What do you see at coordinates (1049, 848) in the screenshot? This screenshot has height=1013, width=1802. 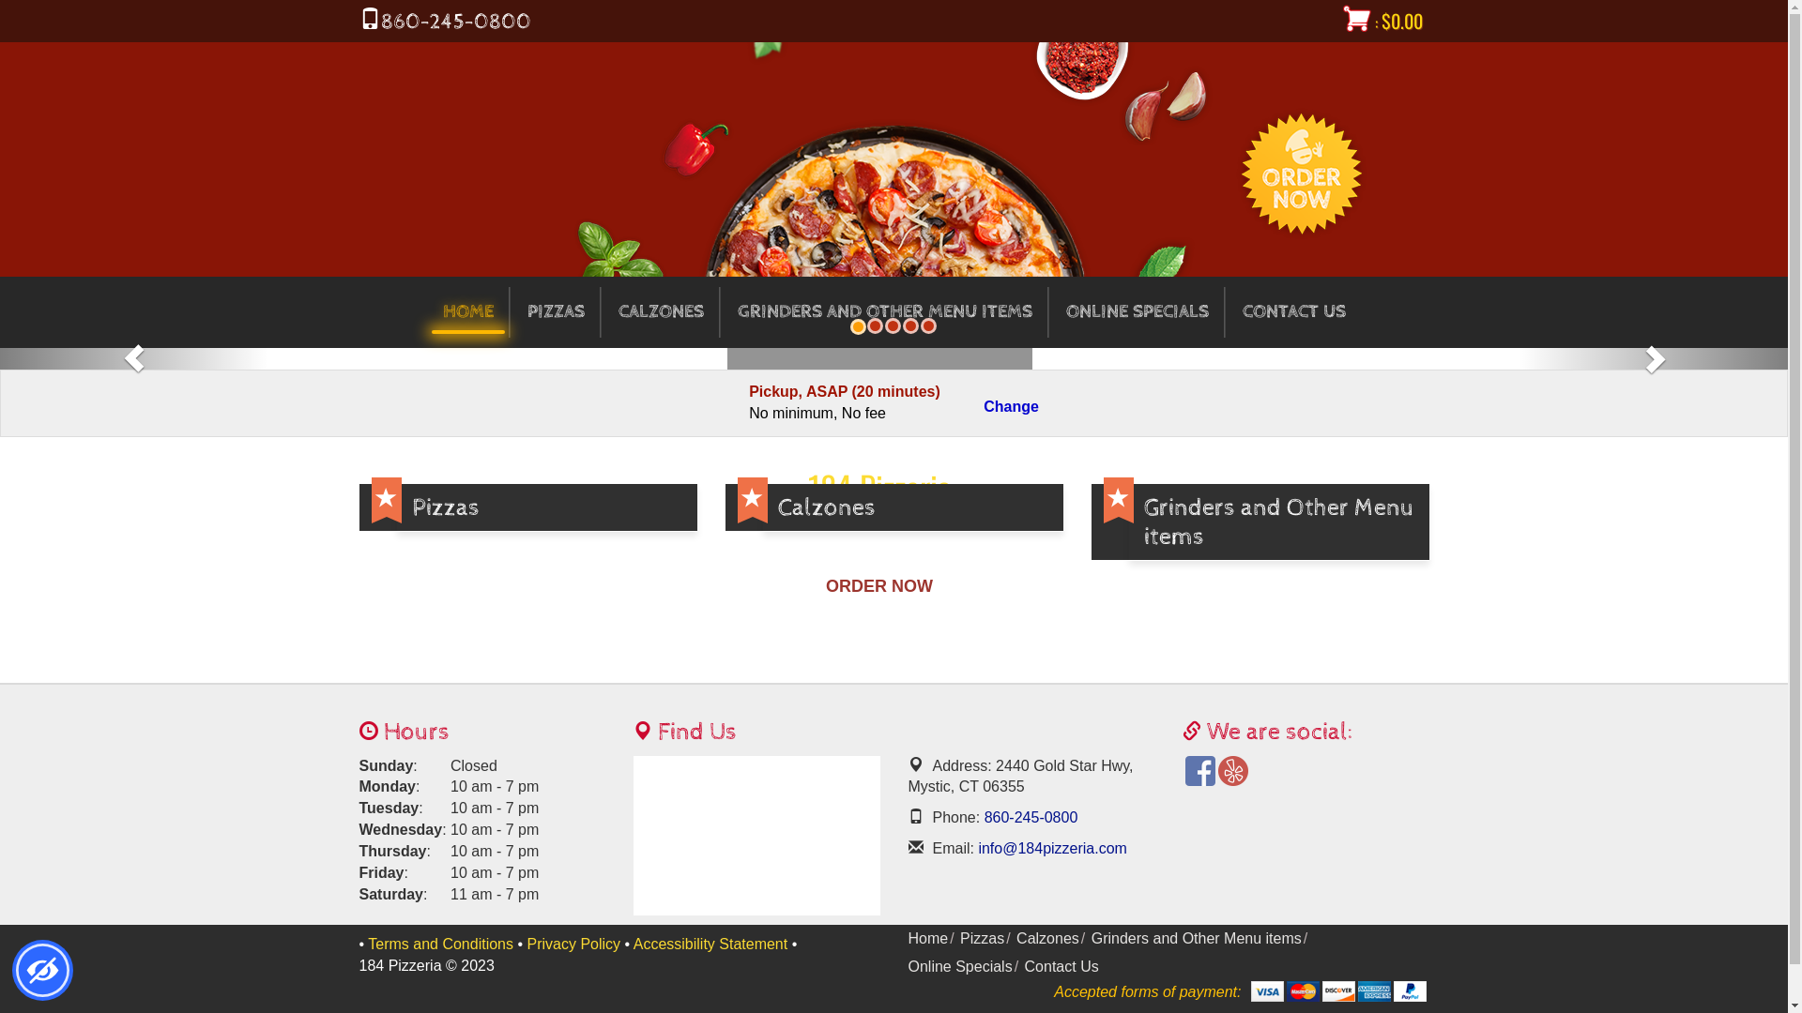 I see `'info@184pizzeria.com'` at bounding box center [1049, 848].